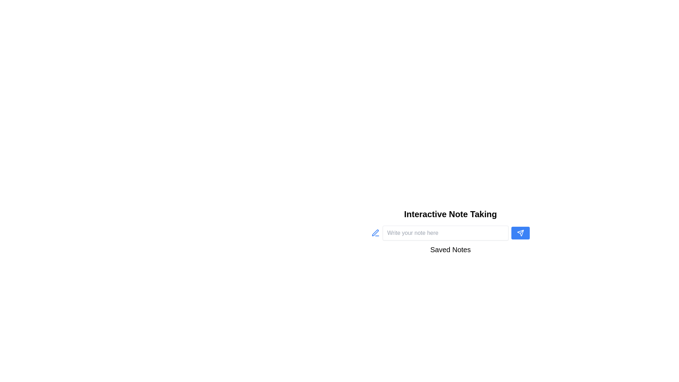 The height and width of the screenshot is (382, 679). What do you see at coordinates (521, 233) in the screenshot?
I see `the icon within the 'Send' button, which is located directly to the right of the text input field in the note-taking interface` at bounding box center [521, 233].